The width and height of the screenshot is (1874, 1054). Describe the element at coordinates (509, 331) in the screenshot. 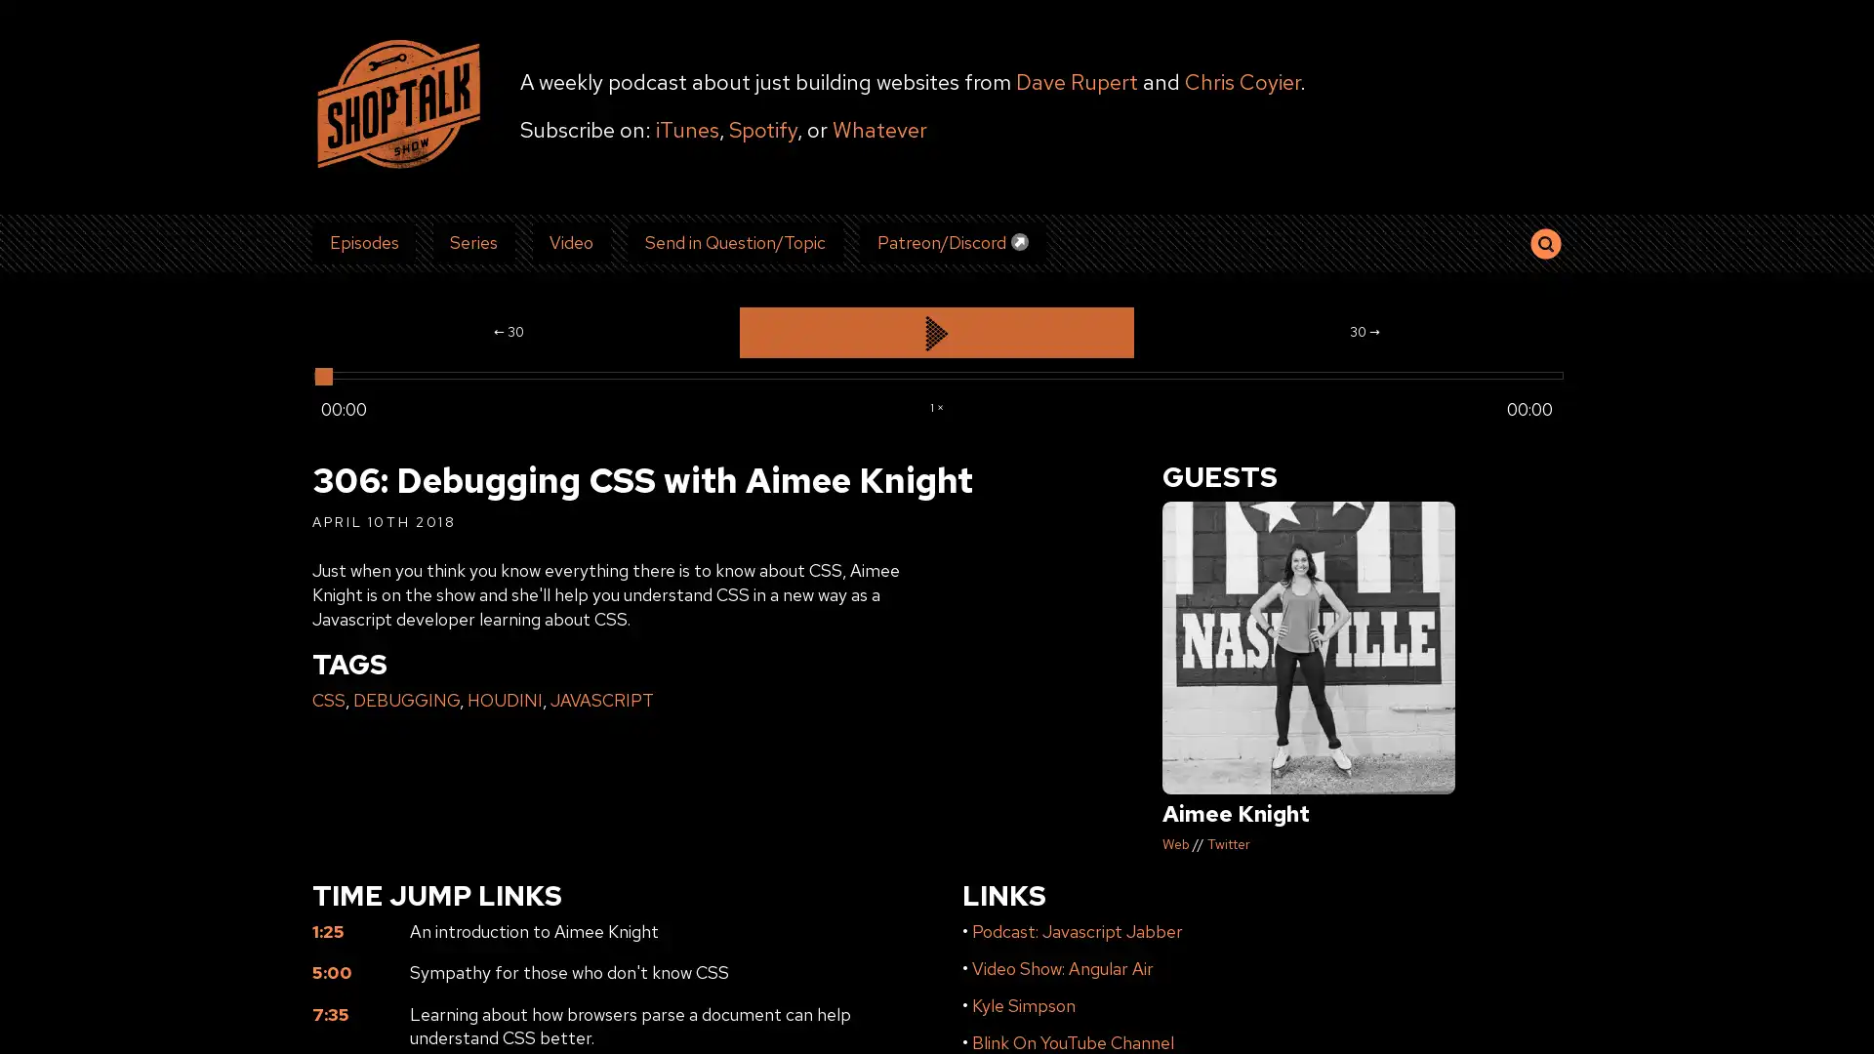

I see `Rewind 30 seconds` at that location.